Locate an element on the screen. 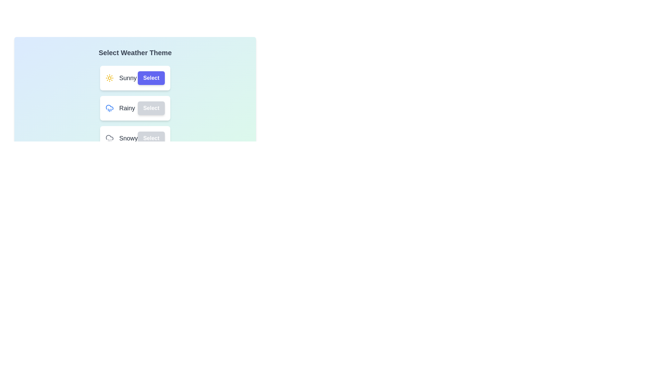  the icon for the rainy weather theme is located at coordinates (109, 108).